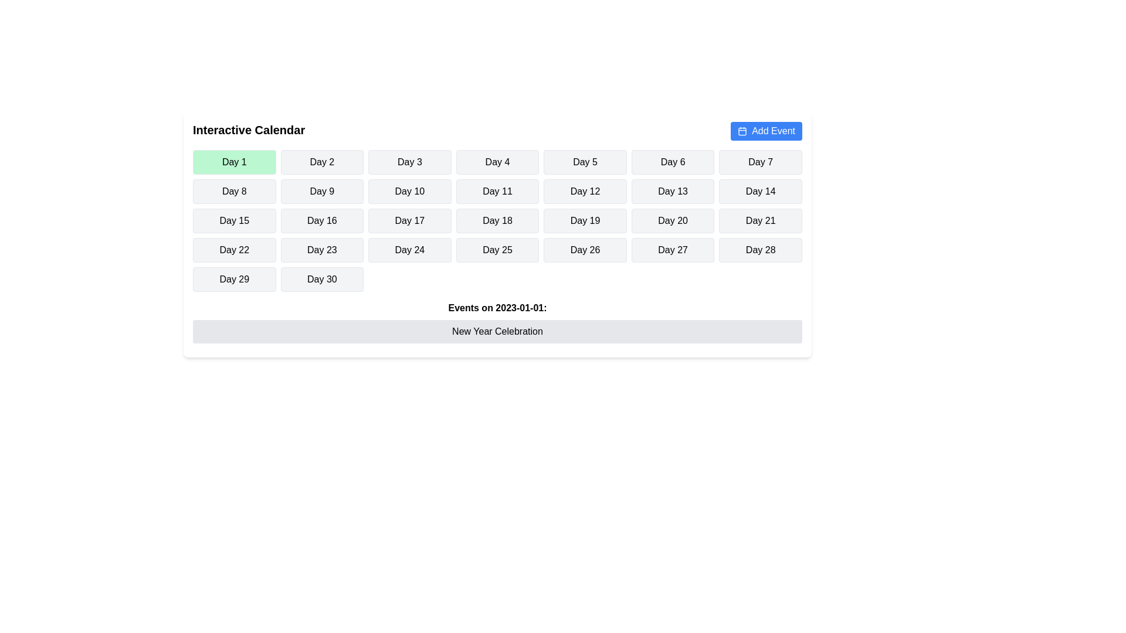  I want to click on event name displayed in the text box for 'New Year Celebration' on the date '2023-01-01', so click(497, 332).